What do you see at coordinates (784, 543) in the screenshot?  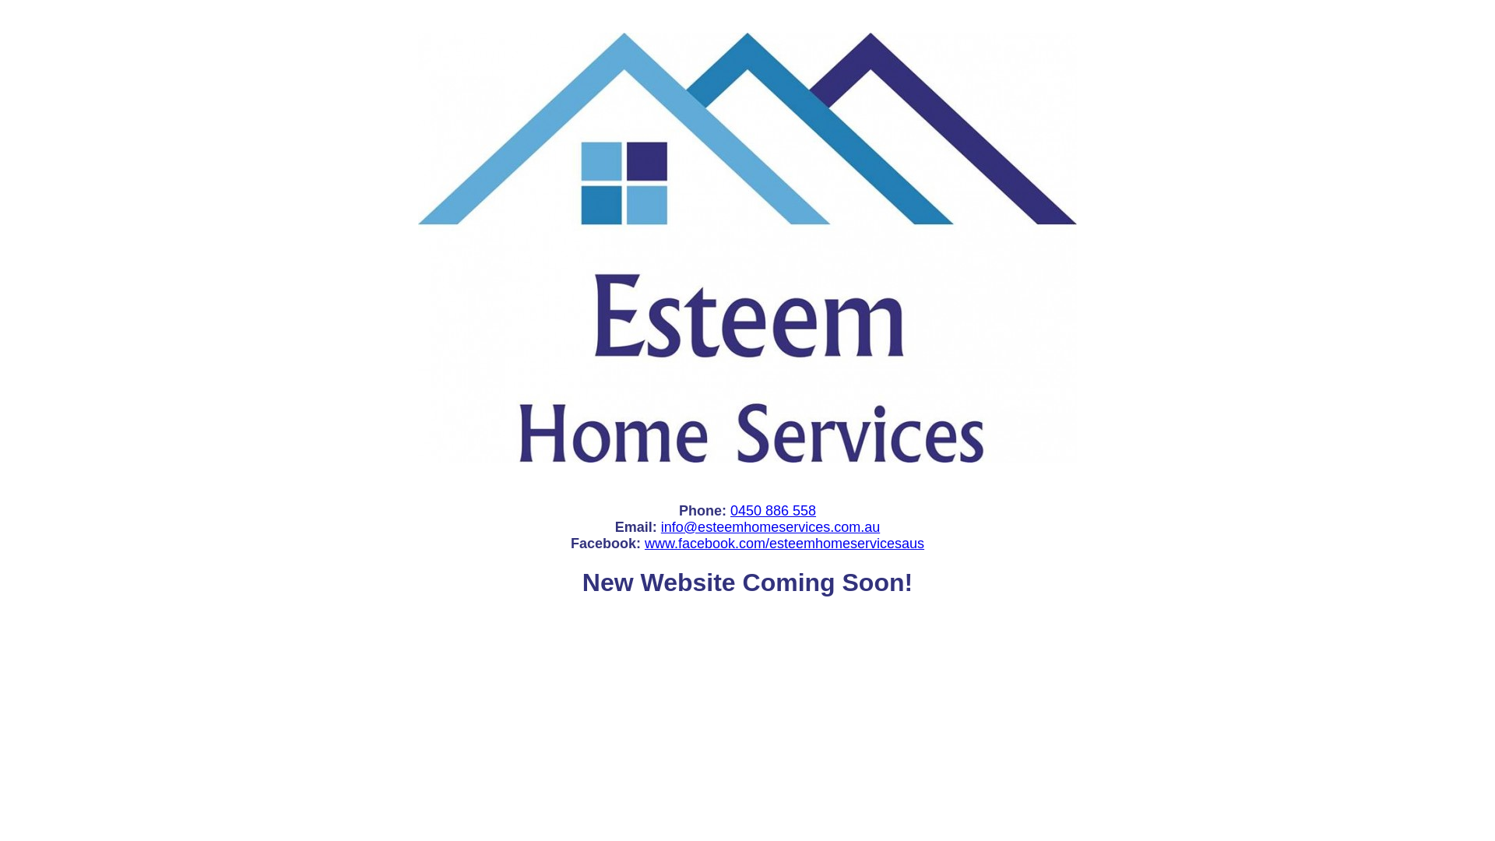 I see `'www.facebook.com/esteemhomeservicesaus'` at bounding box center [784, 543].